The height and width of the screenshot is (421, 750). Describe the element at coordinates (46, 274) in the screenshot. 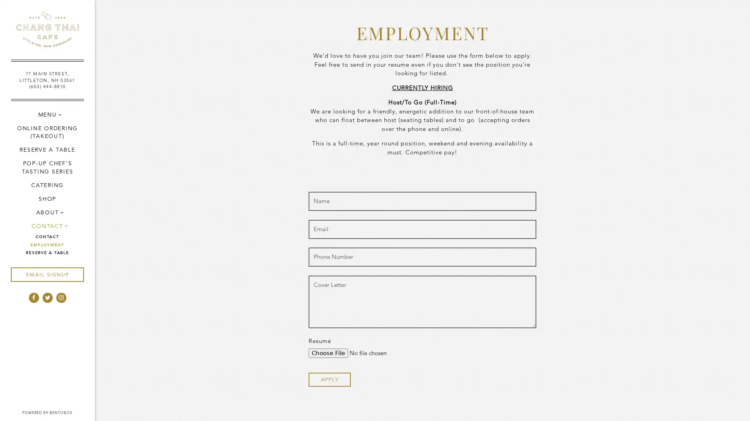

I see `EMAIL SIGNUP` at that location.